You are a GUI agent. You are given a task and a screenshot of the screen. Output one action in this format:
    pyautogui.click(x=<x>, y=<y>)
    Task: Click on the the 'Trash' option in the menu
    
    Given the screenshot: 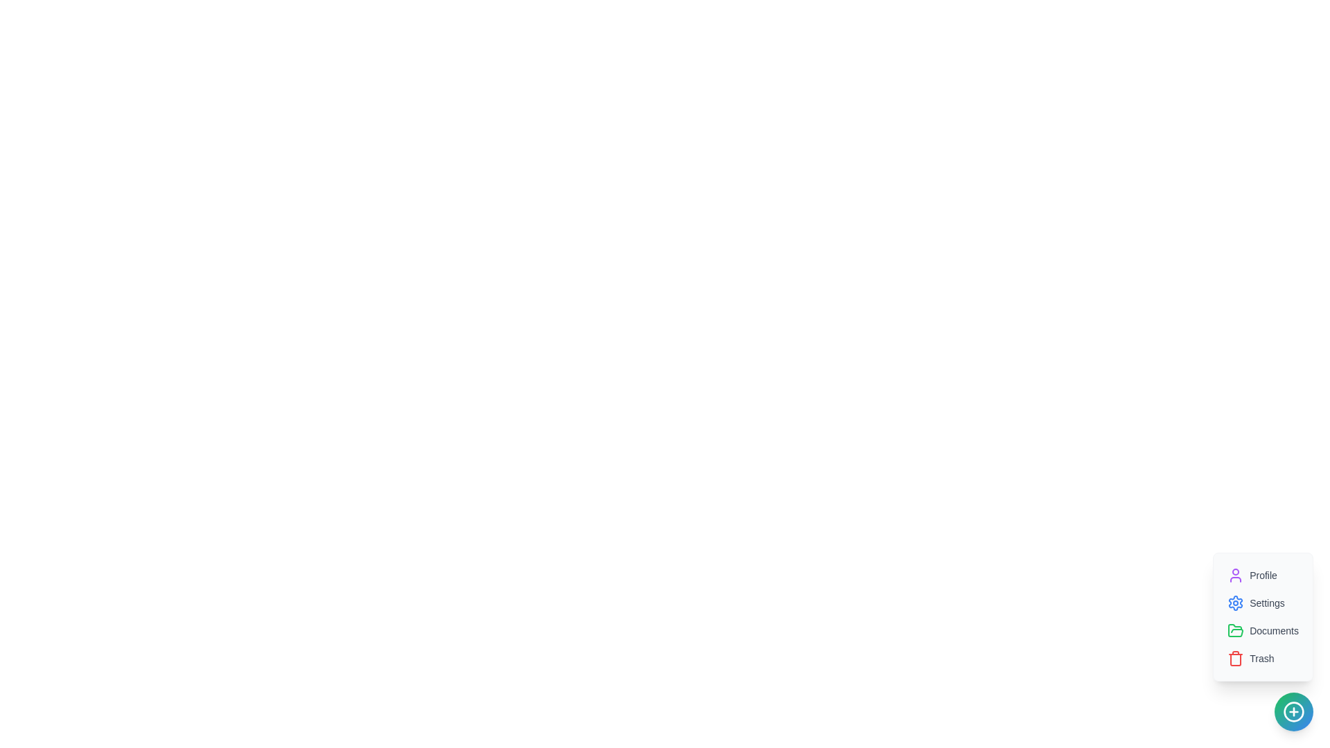 What is the action you would take?
    pyautogui.click(x=1250, y=658)
    